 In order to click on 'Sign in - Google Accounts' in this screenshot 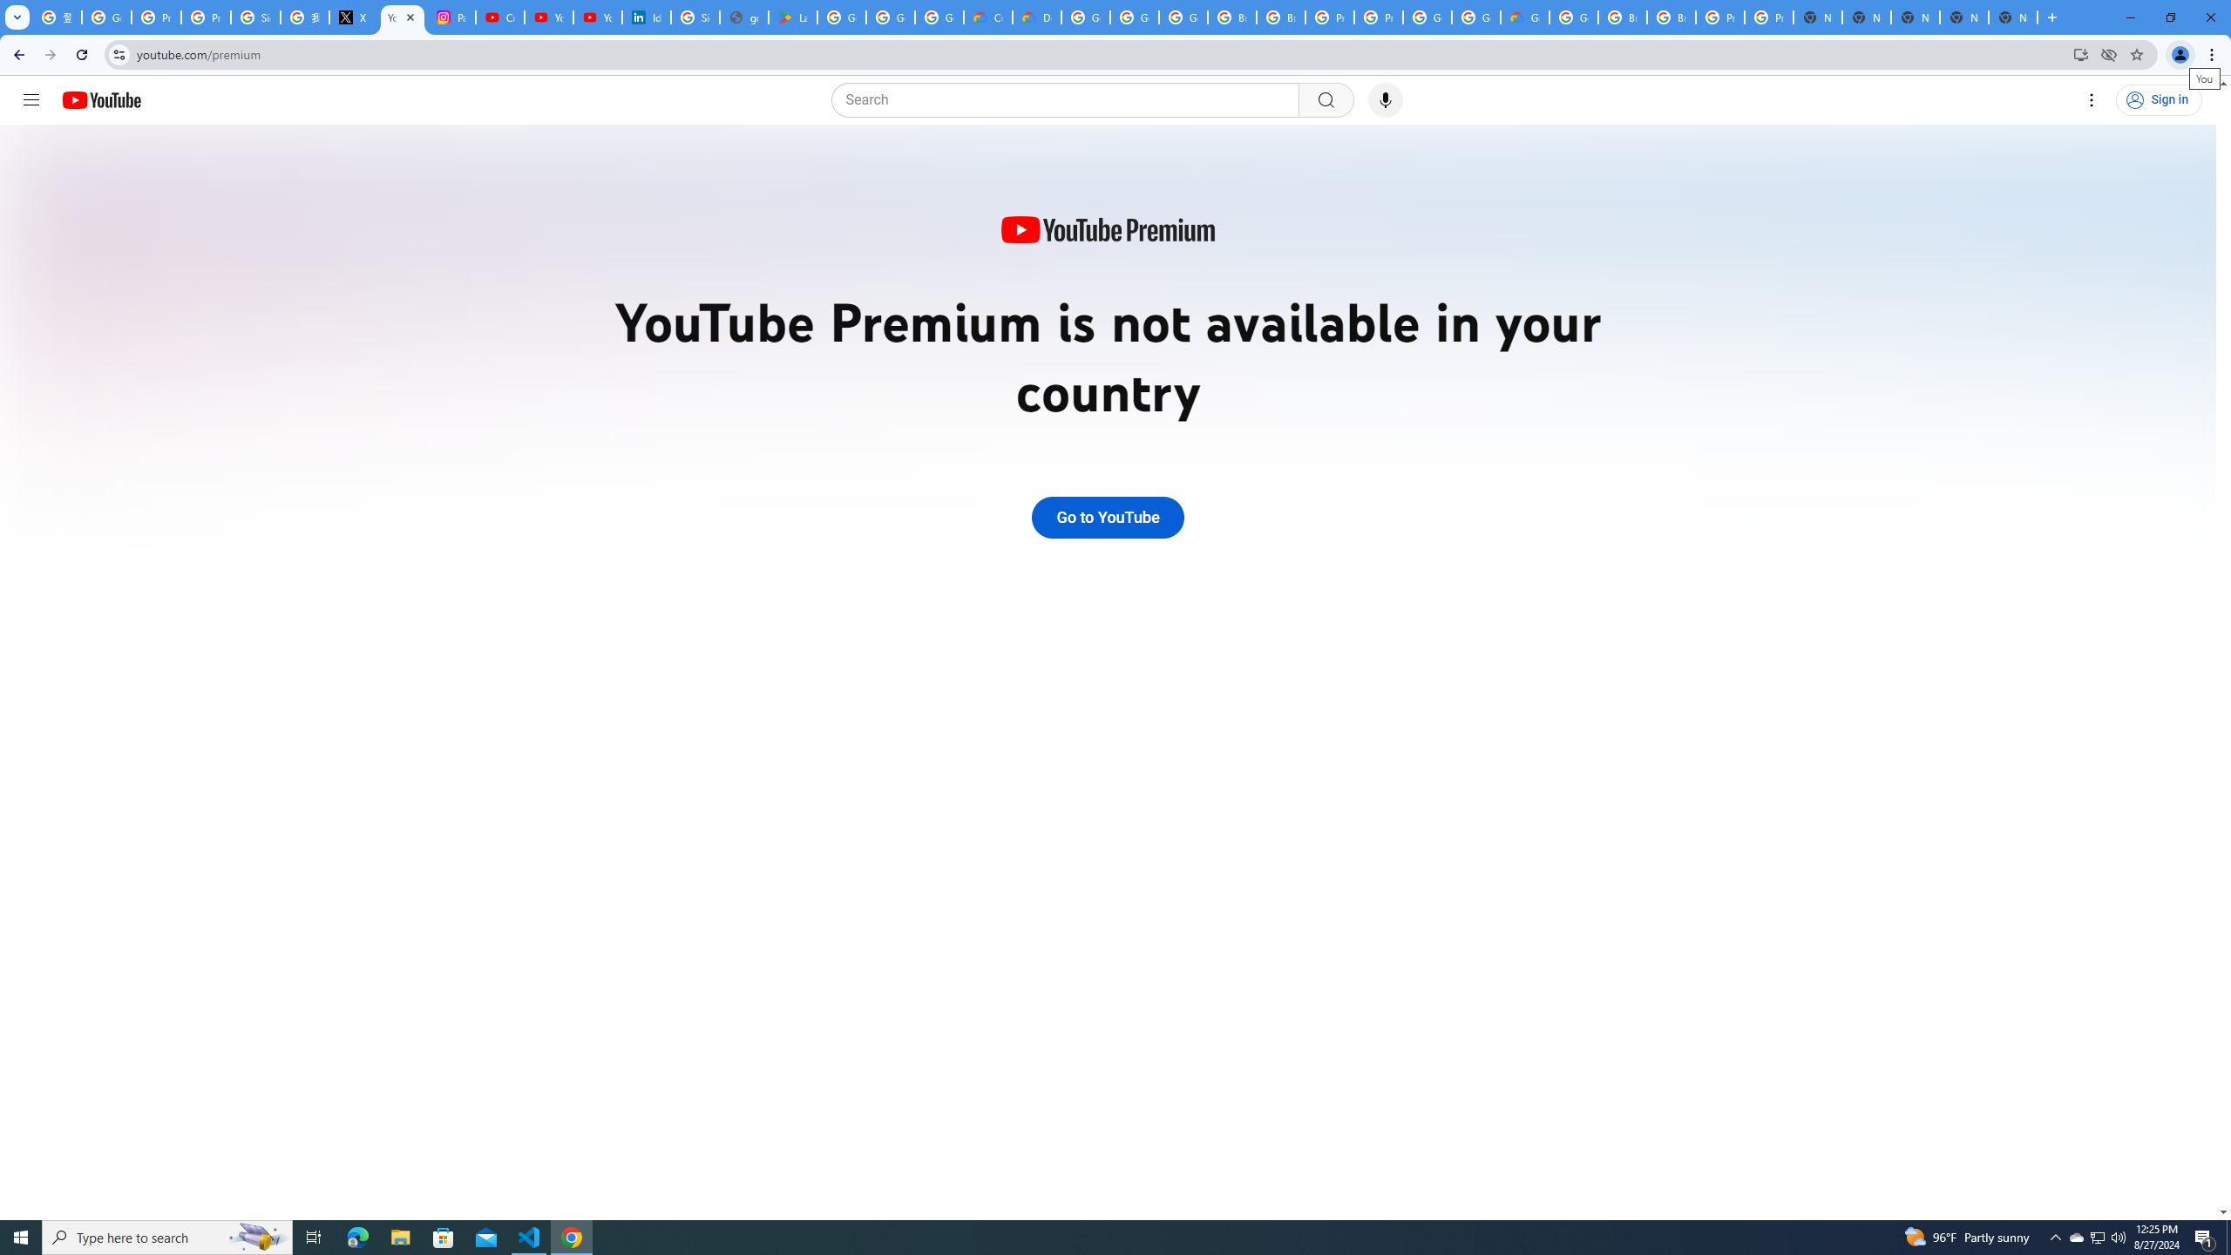, I will do `click(255, 17)`.